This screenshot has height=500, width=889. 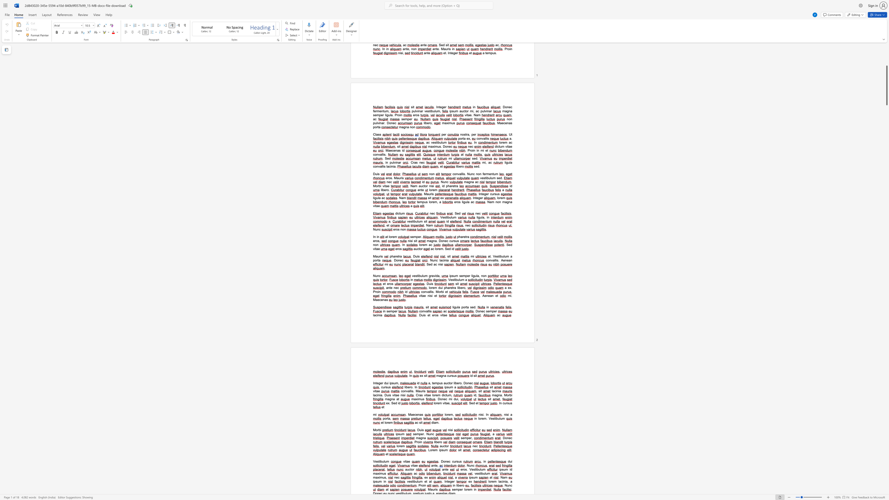 I want to click on the space between the continuous character "p" and "e" in the text, so click(x=467, y=275).